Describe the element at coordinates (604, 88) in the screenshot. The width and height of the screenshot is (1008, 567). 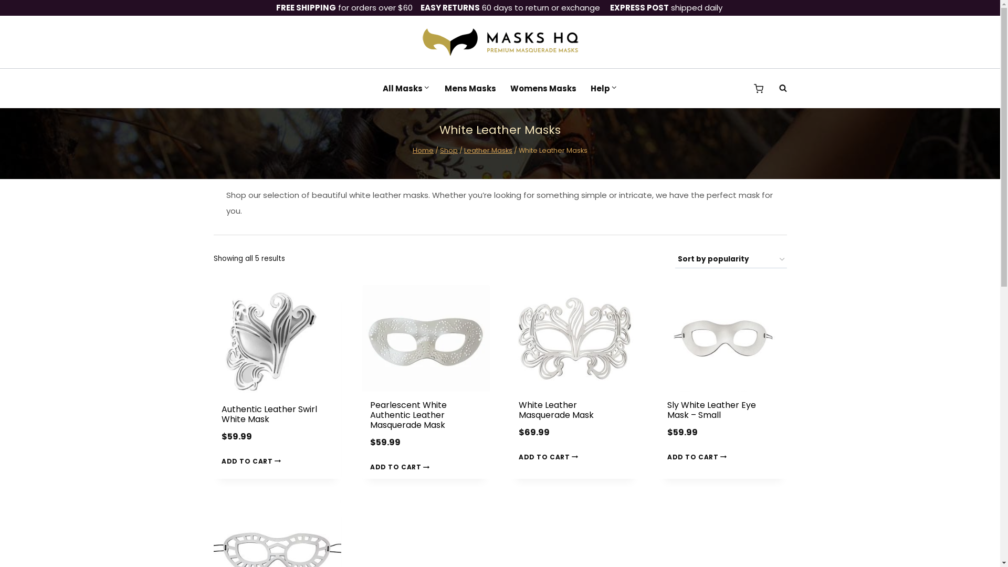
I see `'Help'` at that location.